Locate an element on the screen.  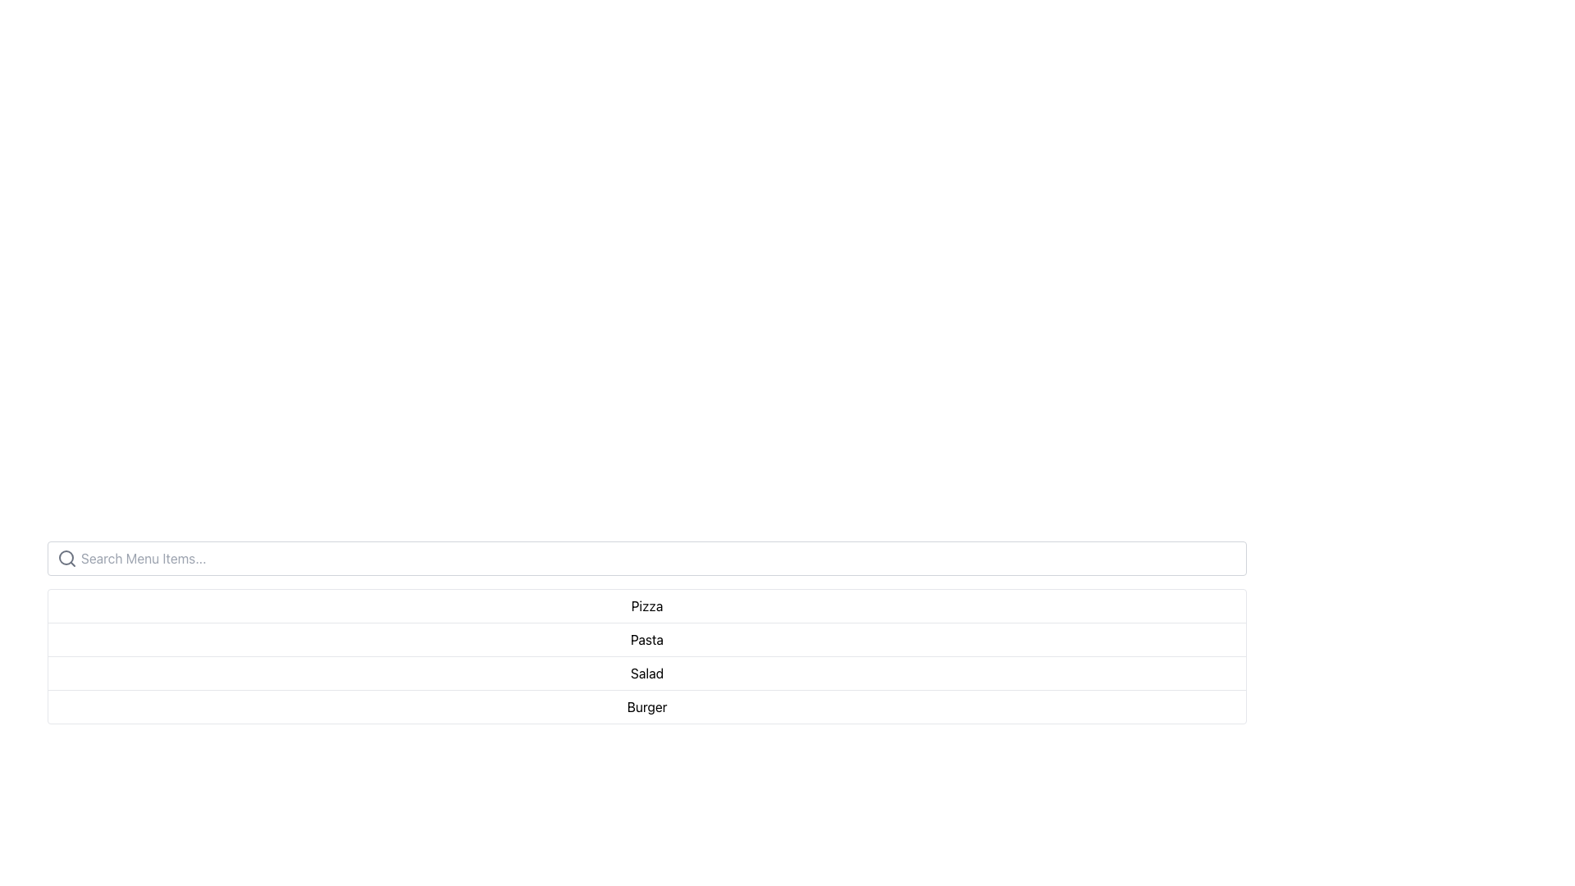
the text item 'Pasta' in the selectable menu list is located at coordinates (646, 638).